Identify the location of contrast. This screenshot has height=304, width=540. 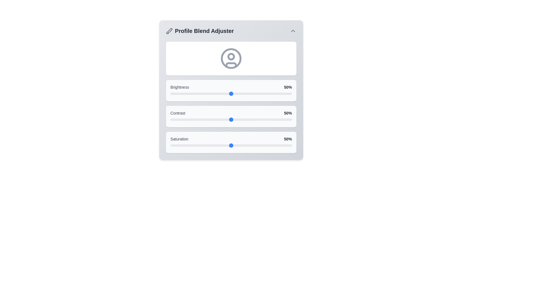
(177, 119).